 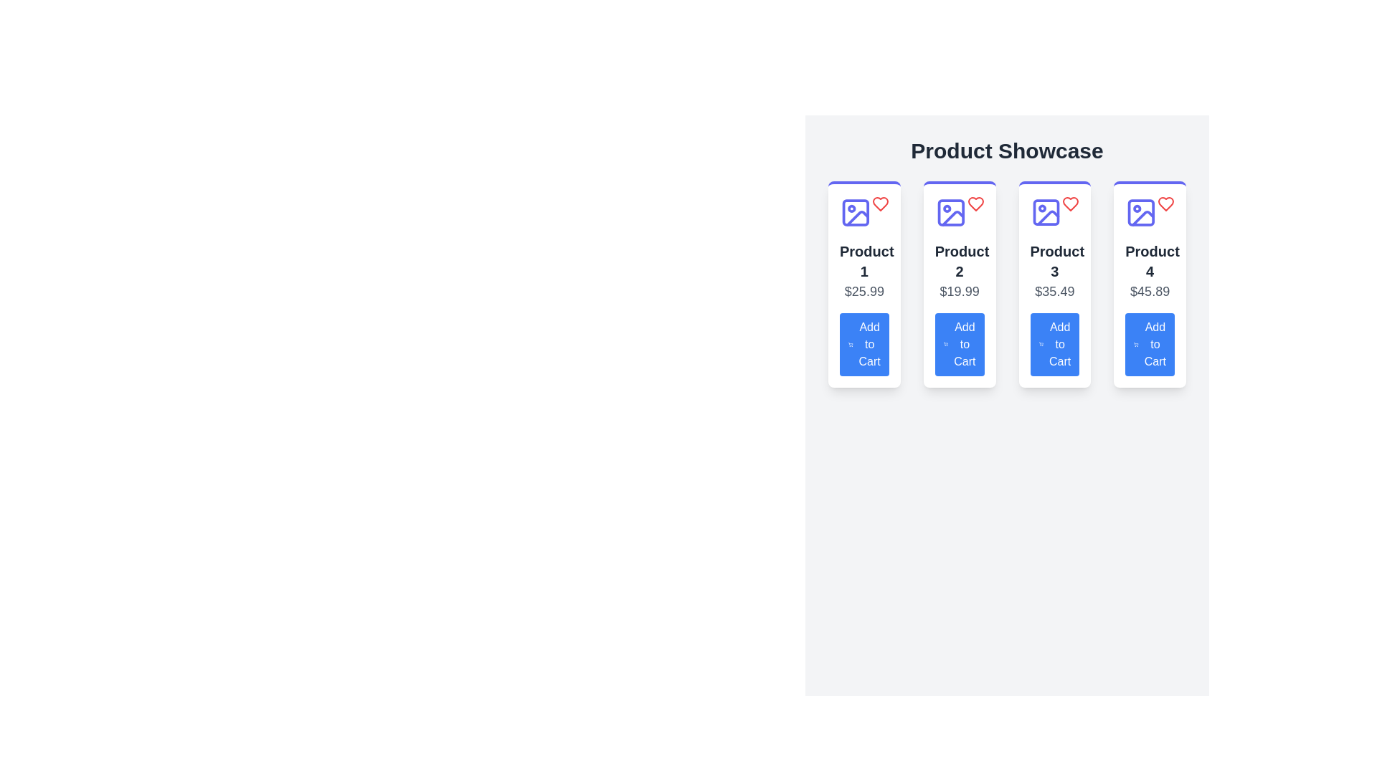 I want to click on the icon placeholder representing 'Product 2' located inside its product card, positioned second from the left in a horizontal list, so click(x=951, y=213).